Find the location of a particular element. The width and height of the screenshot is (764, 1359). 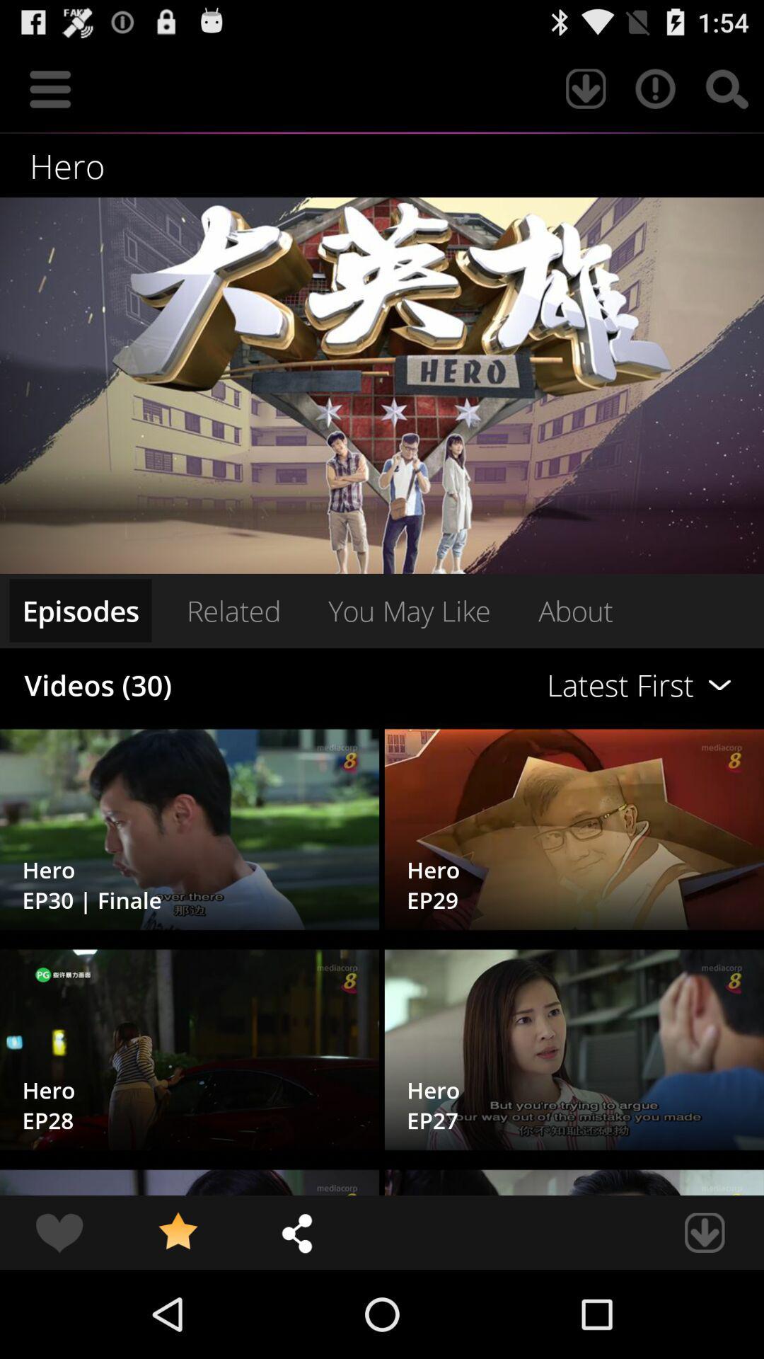

the item at the top left corner is located at coordinates (50, 88).